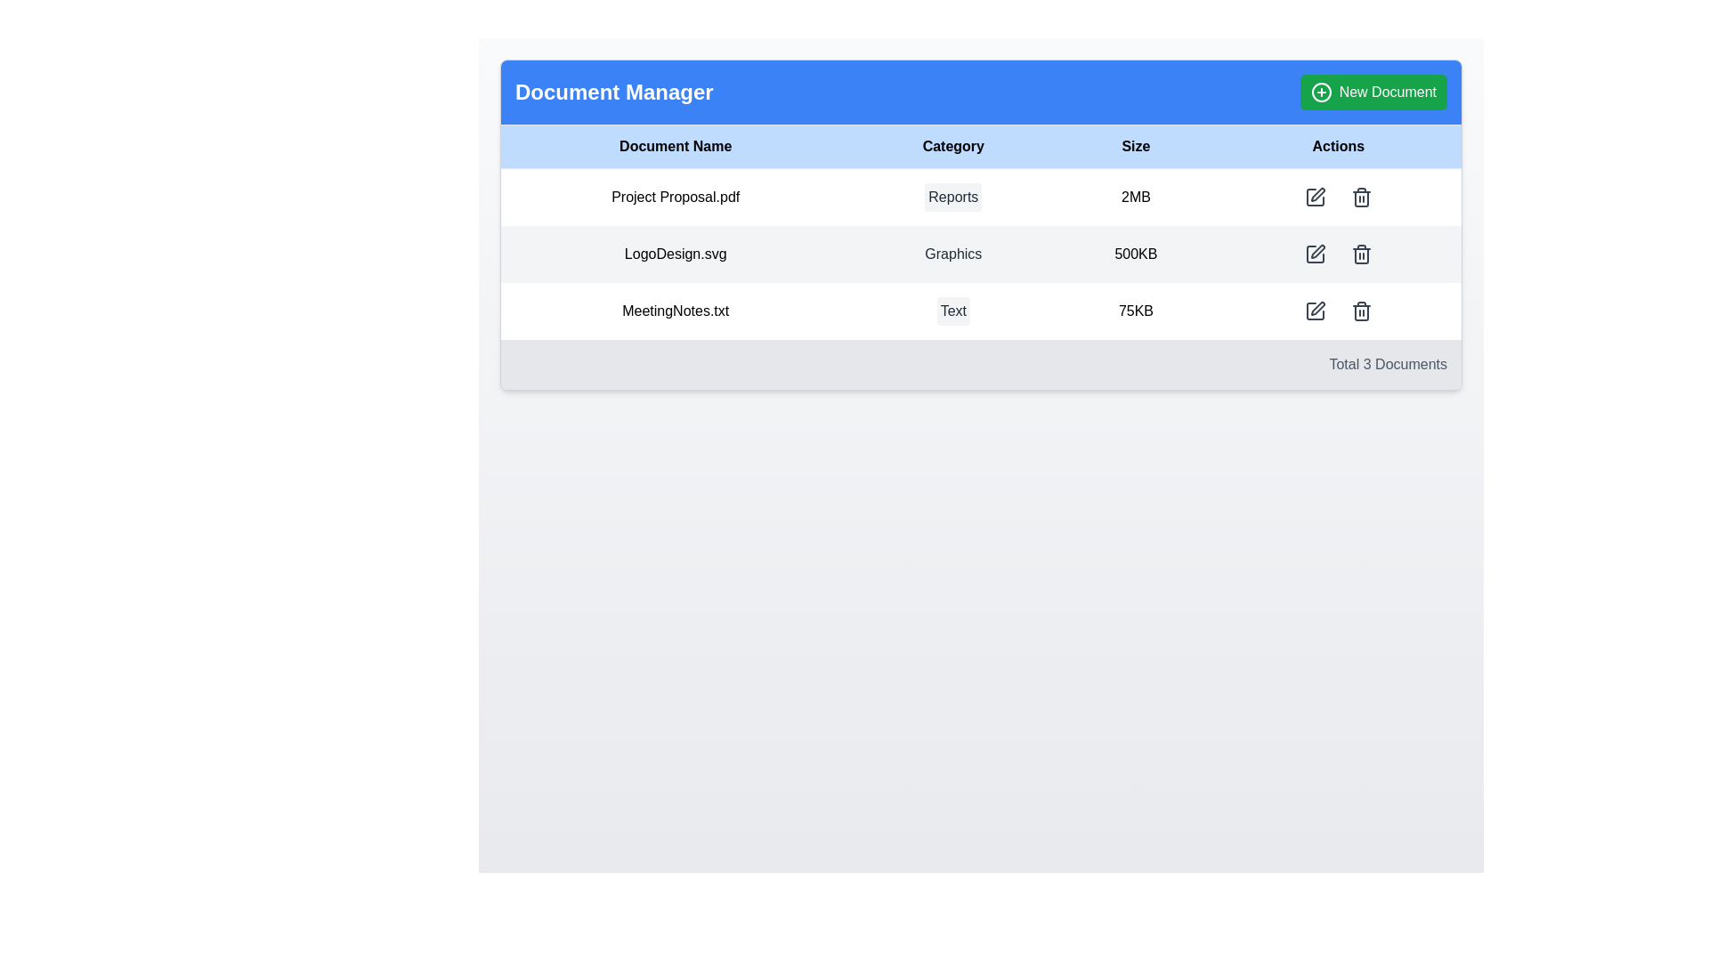  What do you see at coordinates (952, 311) in the screenshot?
I see `the label or badge indicating the category for the document 'MeetingNotes.txt' in the 'Category' column of the table` at bounding box center [952, 311].